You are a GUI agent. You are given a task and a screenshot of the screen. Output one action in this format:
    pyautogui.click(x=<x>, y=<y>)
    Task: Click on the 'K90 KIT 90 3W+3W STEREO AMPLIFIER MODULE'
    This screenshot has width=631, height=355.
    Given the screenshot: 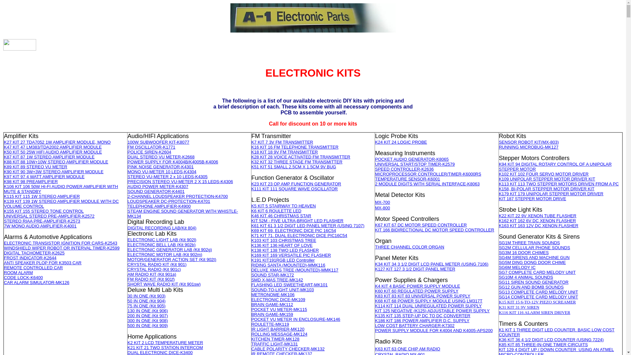 What is the action you would take?
    pyautogui.click(x=54, y=171)
    